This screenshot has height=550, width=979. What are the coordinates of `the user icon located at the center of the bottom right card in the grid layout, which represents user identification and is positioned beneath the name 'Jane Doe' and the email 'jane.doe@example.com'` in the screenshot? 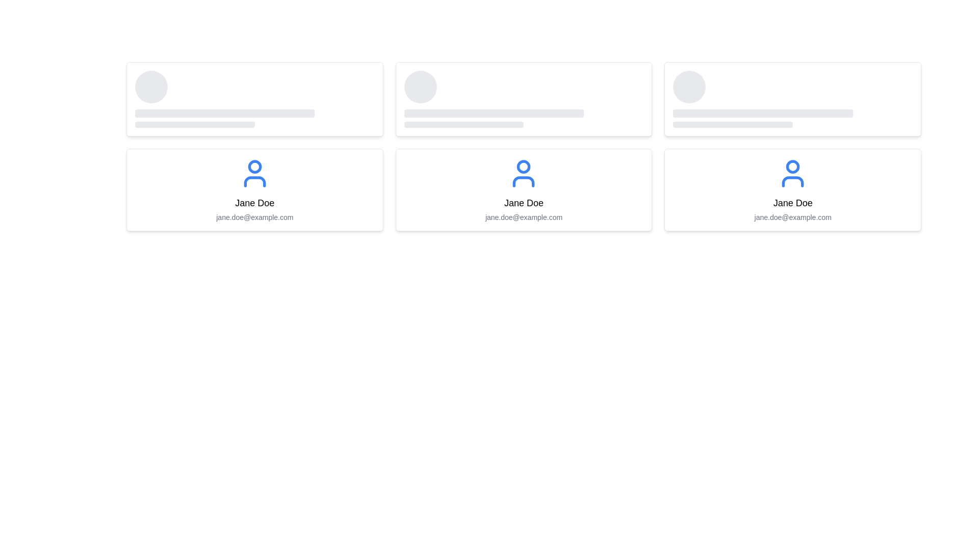 It's located at (792, 173).